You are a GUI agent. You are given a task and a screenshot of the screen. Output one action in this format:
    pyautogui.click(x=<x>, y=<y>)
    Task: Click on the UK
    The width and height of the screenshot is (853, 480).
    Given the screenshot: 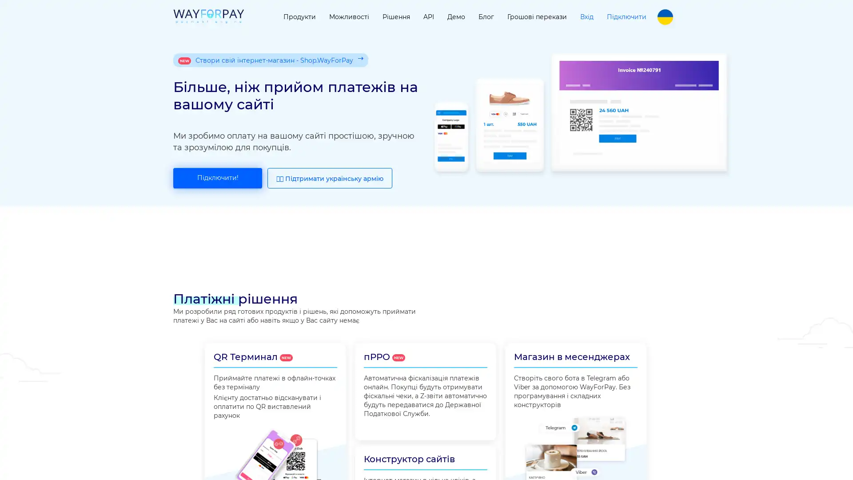 What is the action you would take?
    pyautogui.click(x=665, y=17)
    